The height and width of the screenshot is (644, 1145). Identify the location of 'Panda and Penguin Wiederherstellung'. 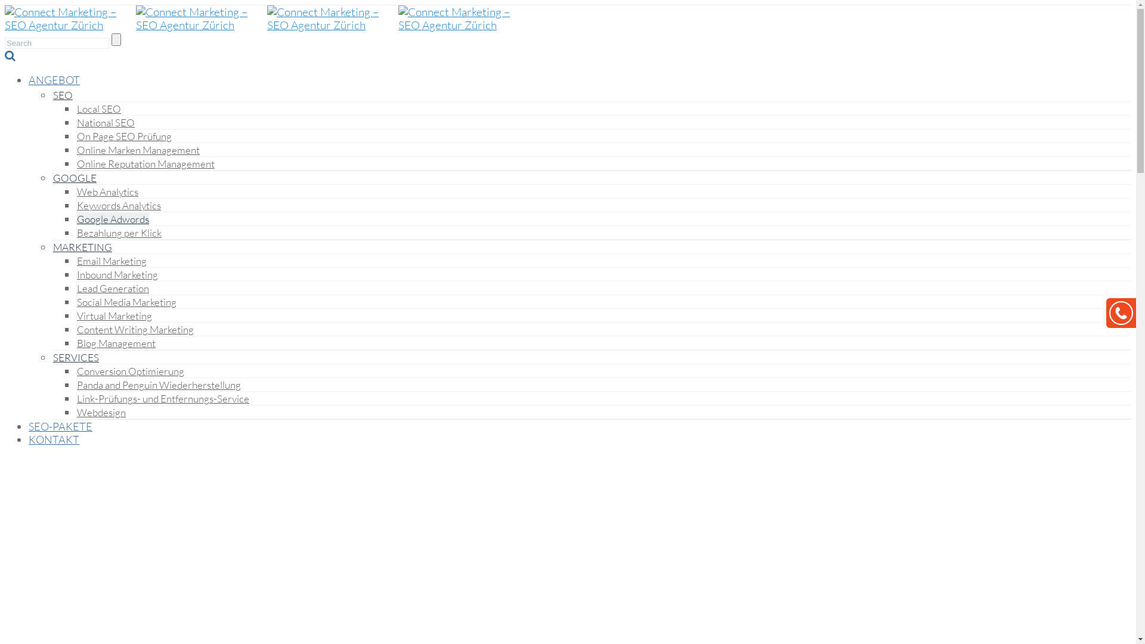
(157, 385).